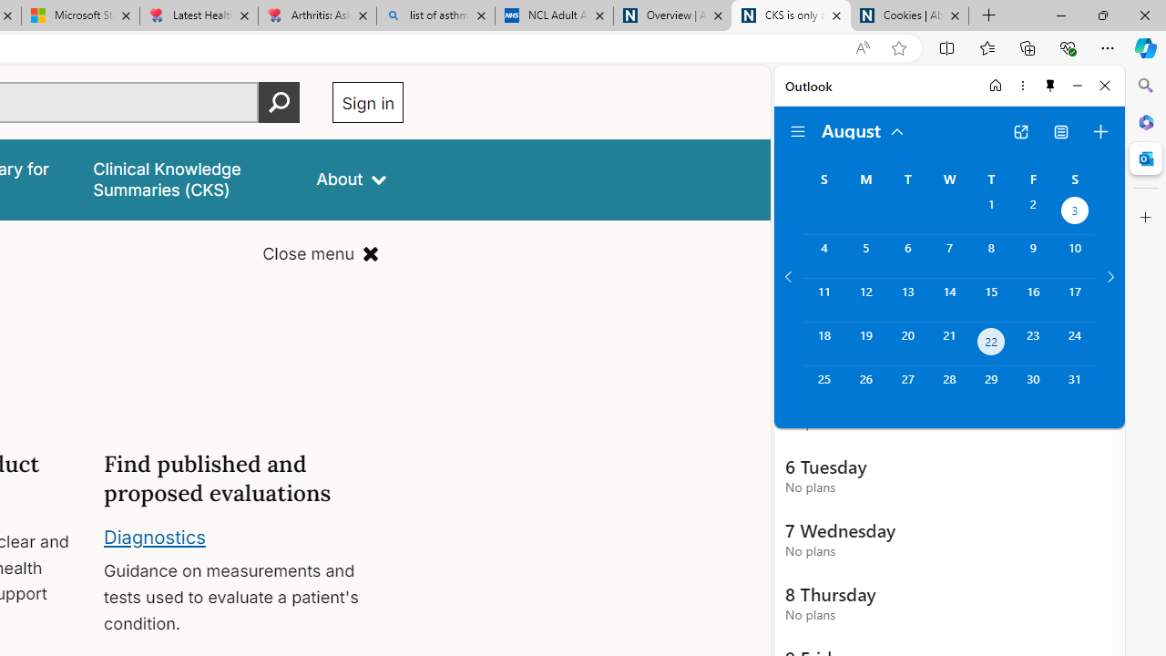  What do you see at coordinates (823, 386) in the screenshot?
I see `'Sunday, August 25, 2024. '` at bounding box center [823, 386].